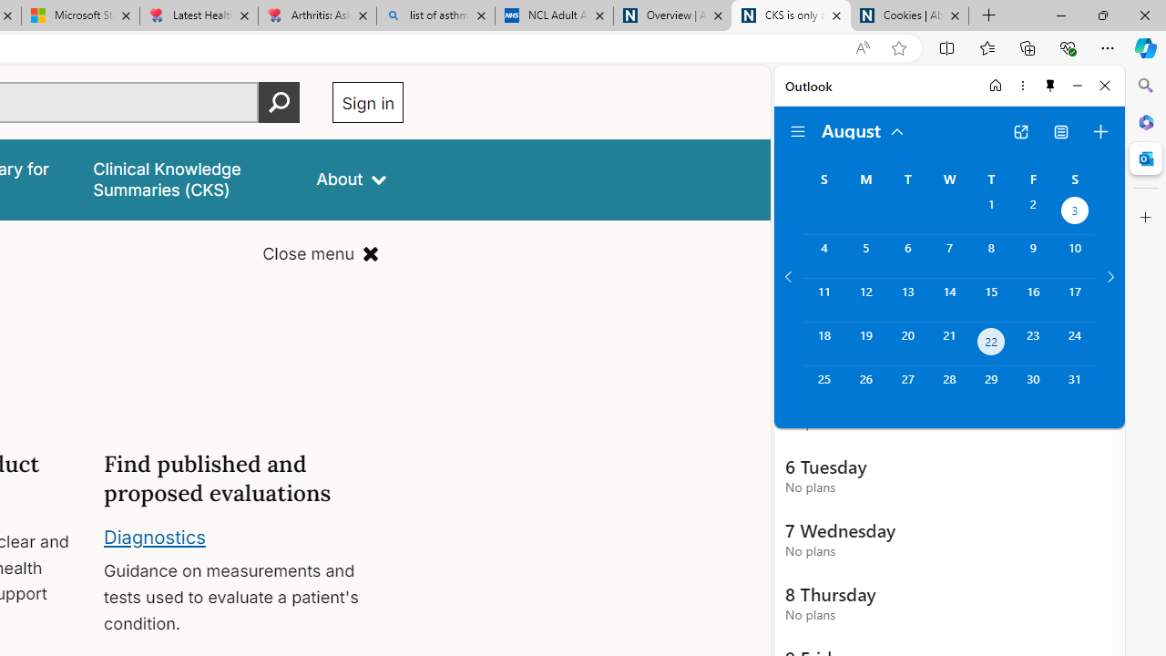  What do you see at coordinates (823, 386) in the screenshot?
I see `'Sunday, August 25, 2024. '` at bounding box center [823, 386].